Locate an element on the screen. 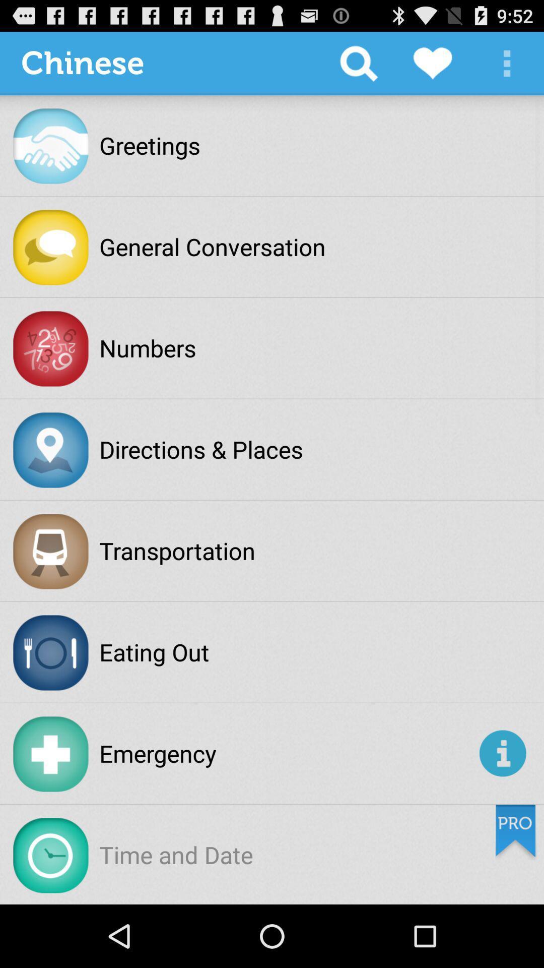  the numbers item is located at coordinates (148, 348).